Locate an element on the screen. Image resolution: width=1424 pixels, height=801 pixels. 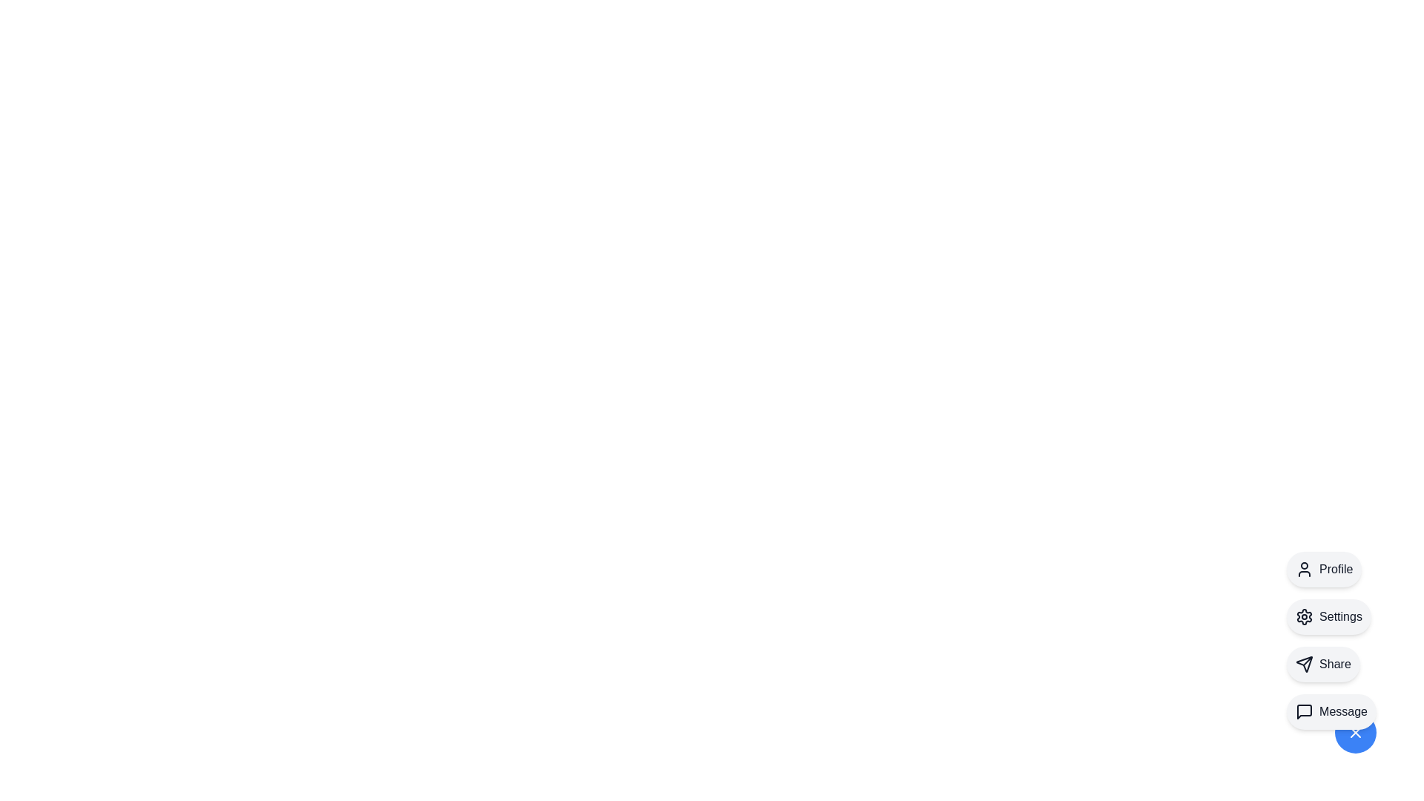
the Message button to reveal its tooltip is located at coordinates (1331, 711).